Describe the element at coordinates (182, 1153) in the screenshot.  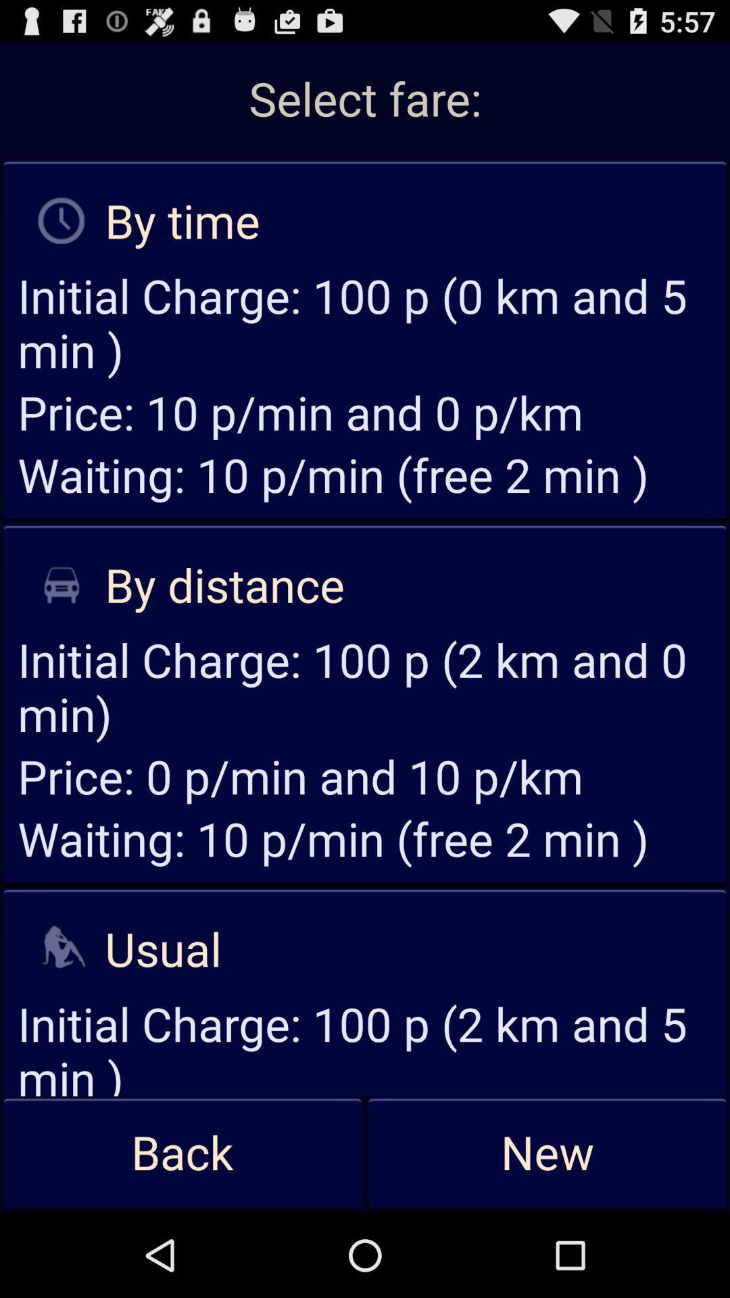
I see `back item` at that location.